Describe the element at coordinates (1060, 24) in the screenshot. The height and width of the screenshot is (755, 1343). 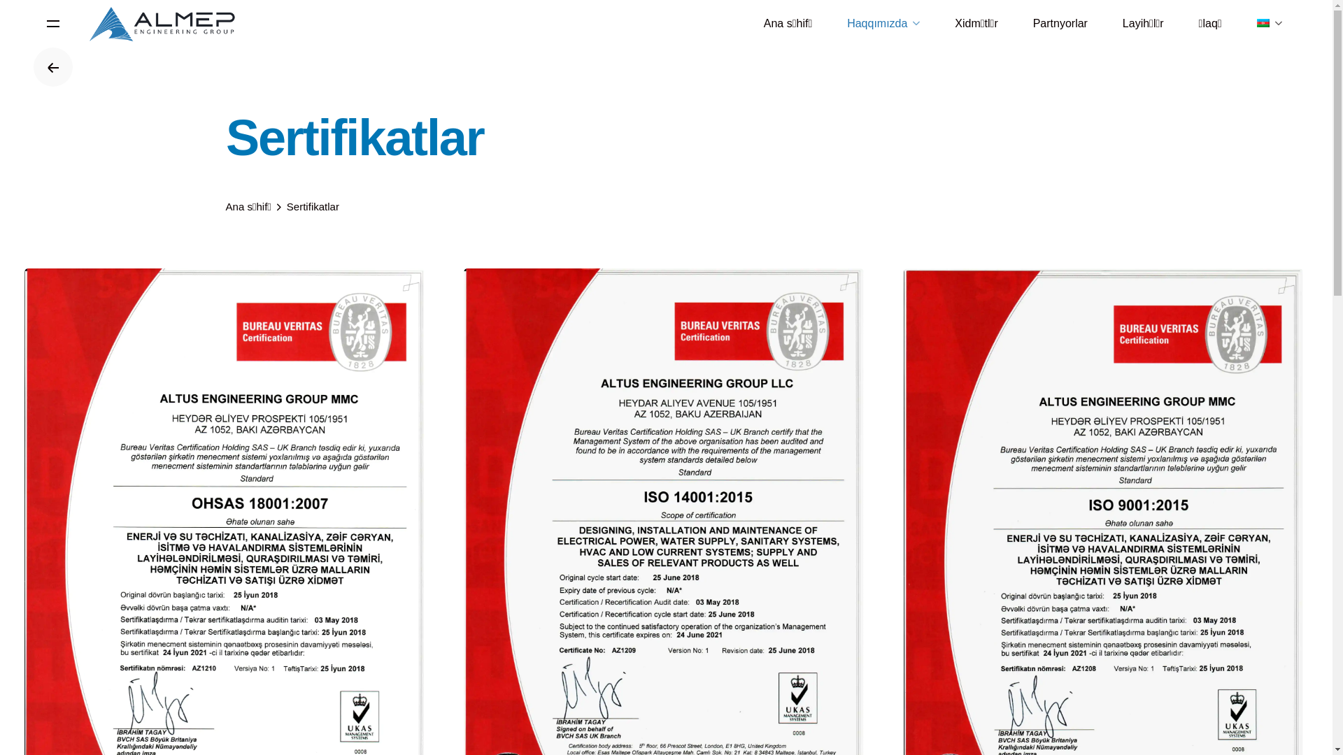
I see `'Partnyorlar'` at that location.